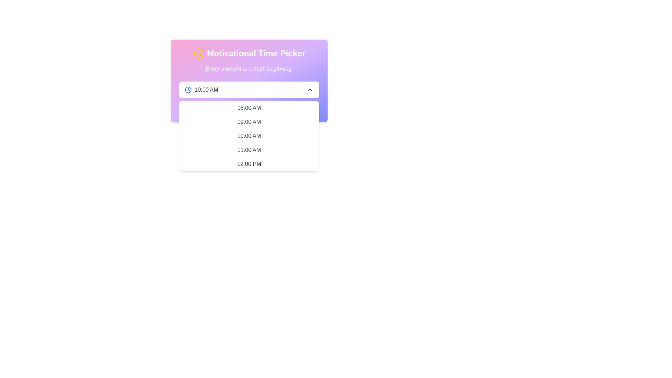 This screenshot has width=672, height=378. I want to click on the time display text on the left side of the Motivational Time Picker interface, so click(201, 90).